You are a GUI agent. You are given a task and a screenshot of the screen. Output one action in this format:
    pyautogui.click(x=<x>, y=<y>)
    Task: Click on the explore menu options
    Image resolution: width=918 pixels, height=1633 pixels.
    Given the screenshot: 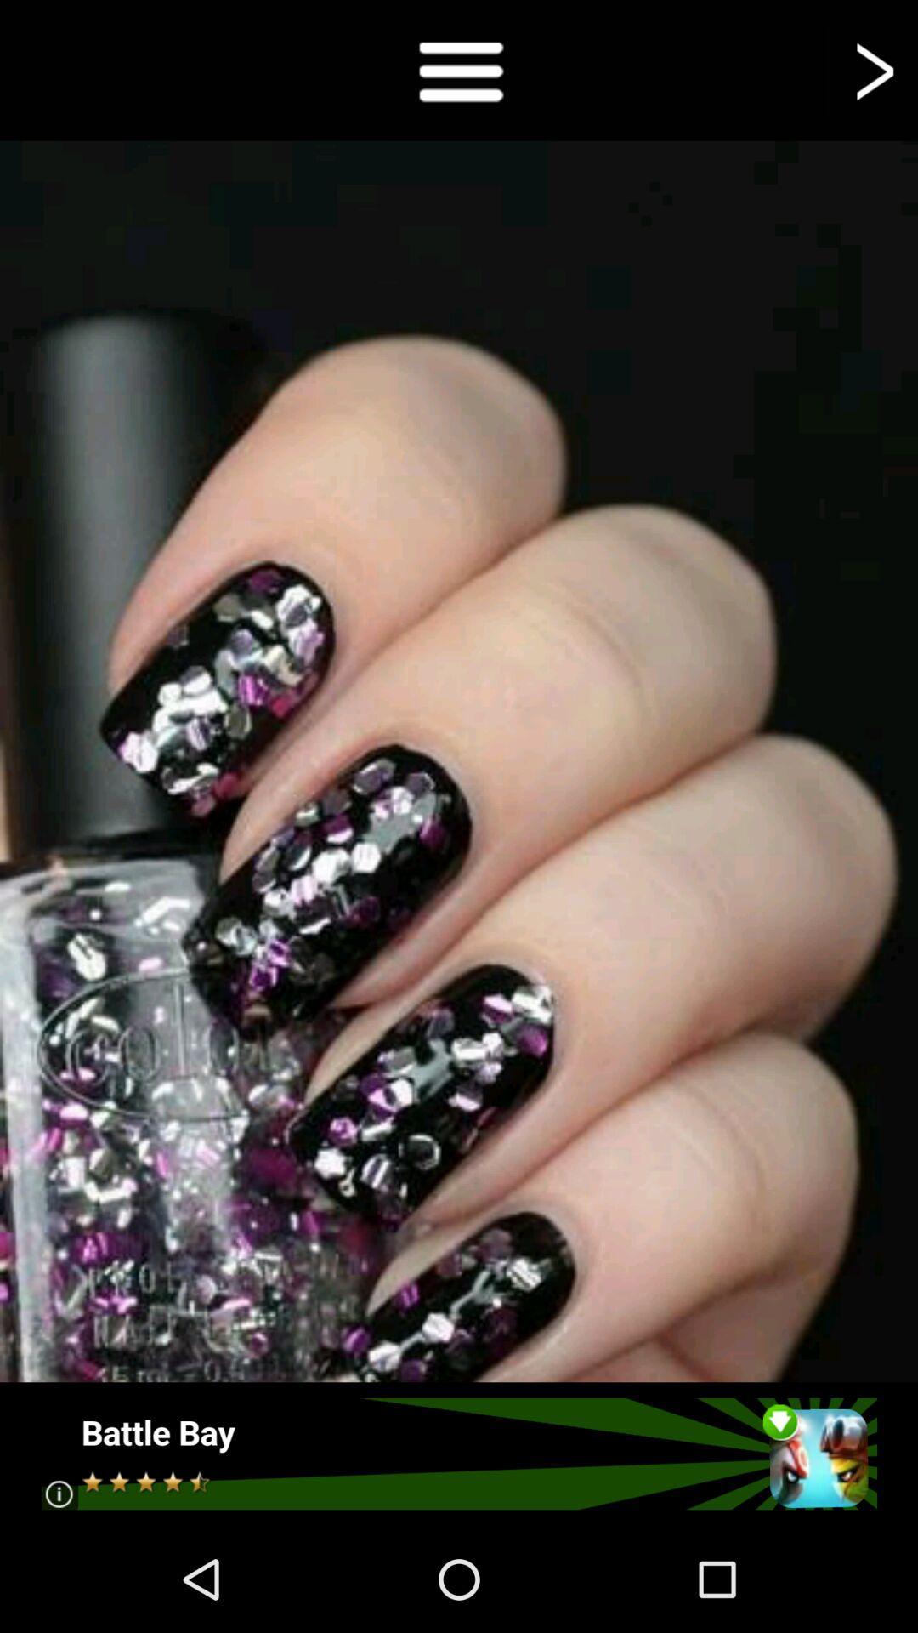 What is the action you would take?
    pyautogui.click(x=459, y=69)
    